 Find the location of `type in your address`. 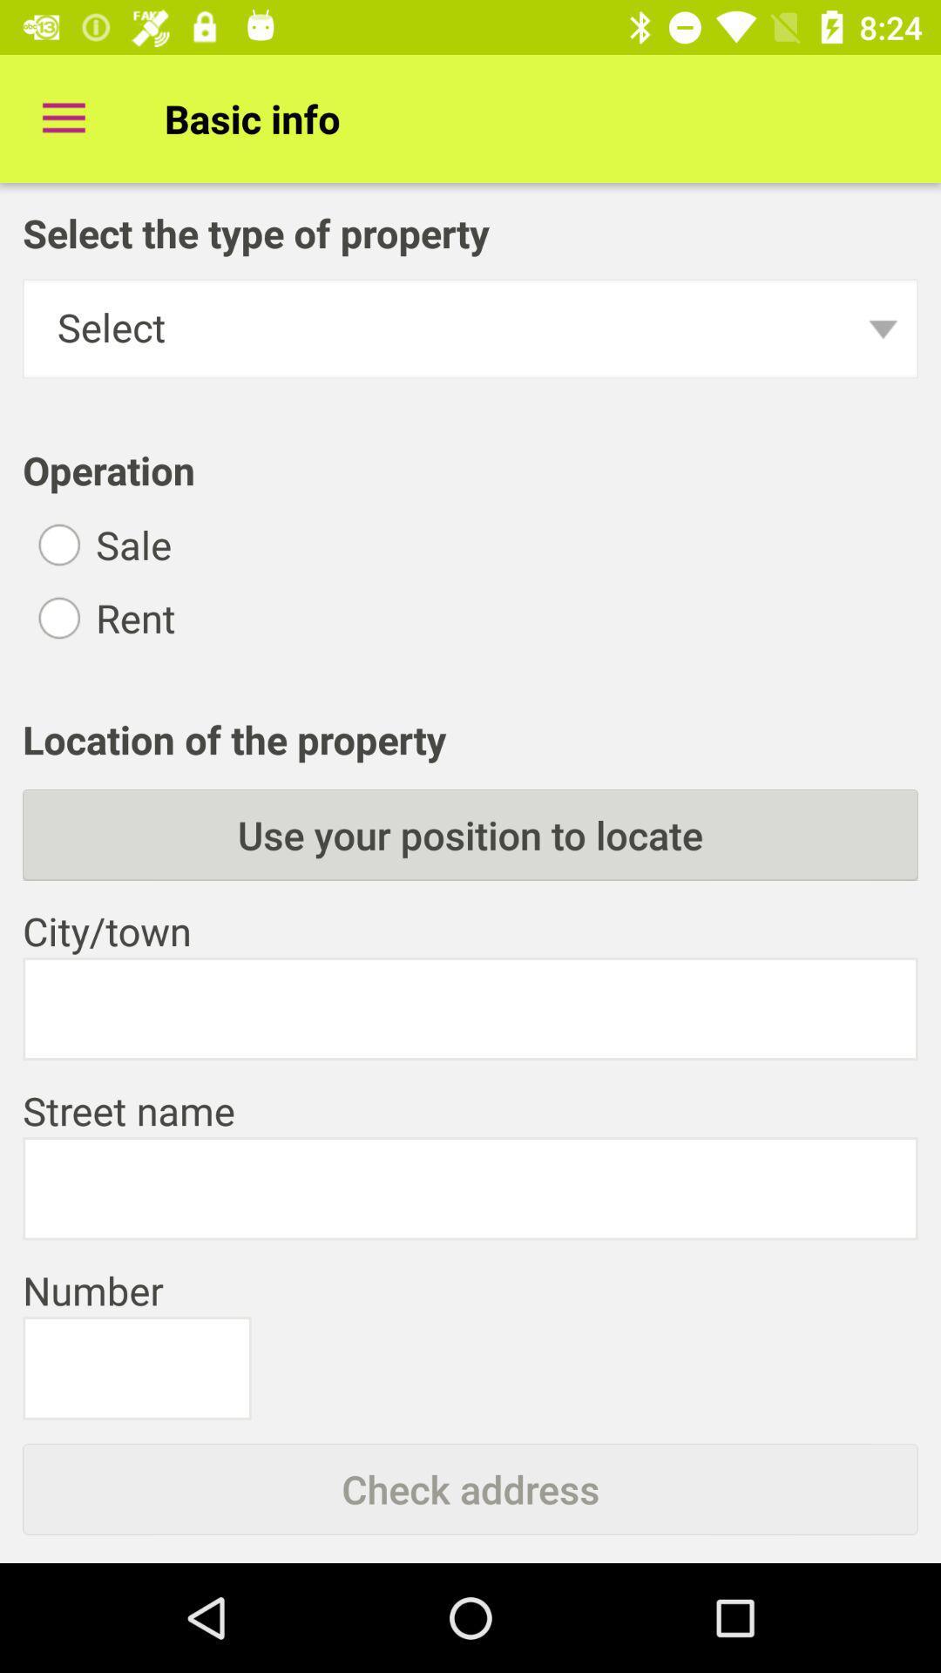

type in your address is located at coordinates (470, 1188).